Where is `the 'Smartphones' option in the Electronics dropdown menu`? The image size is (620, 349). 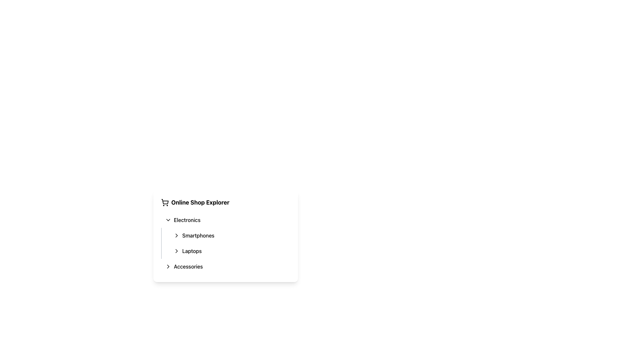
the 'Smartphones' option in the Electronics dropdown menu is located at coordinates (225, 236).